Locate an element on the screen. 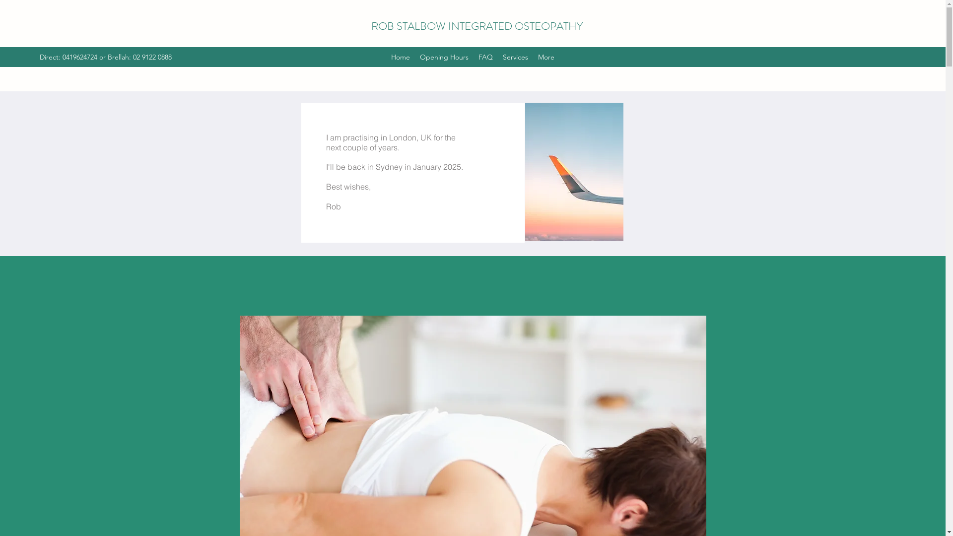 The width and height of the screenshot is (953, 536). 'ROB STALBOW INTEGRATED OSTEOPATHY' is located at coordinates (476, 25).